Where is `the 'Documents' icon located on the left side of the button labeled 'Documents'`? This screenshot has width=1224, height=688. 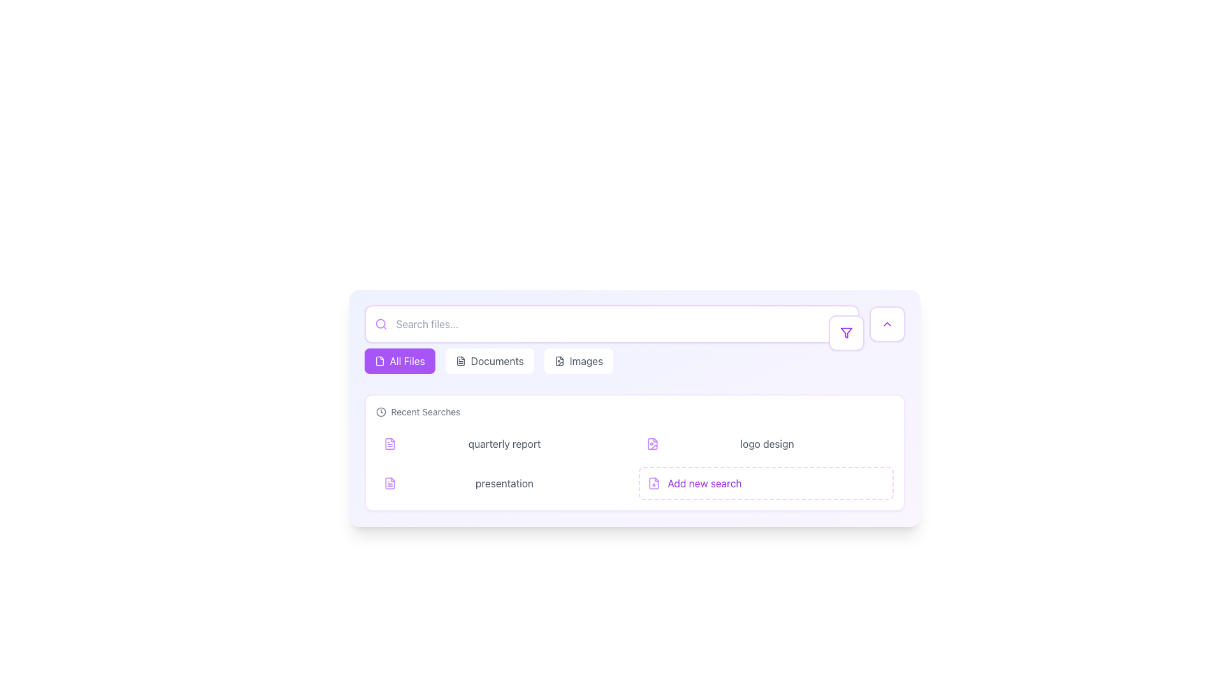 the 'Documents' icon located on the left side of the button labeled 'Documents' is located at coordinates (460, 361).